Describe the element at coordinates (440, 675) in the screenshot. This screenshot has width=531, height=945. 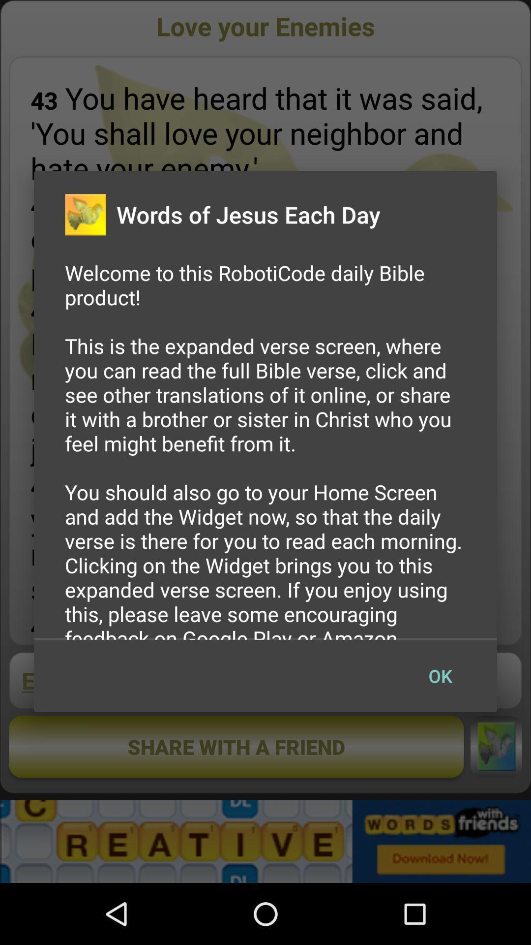
I see `ok at the bottom right corner` at that location.